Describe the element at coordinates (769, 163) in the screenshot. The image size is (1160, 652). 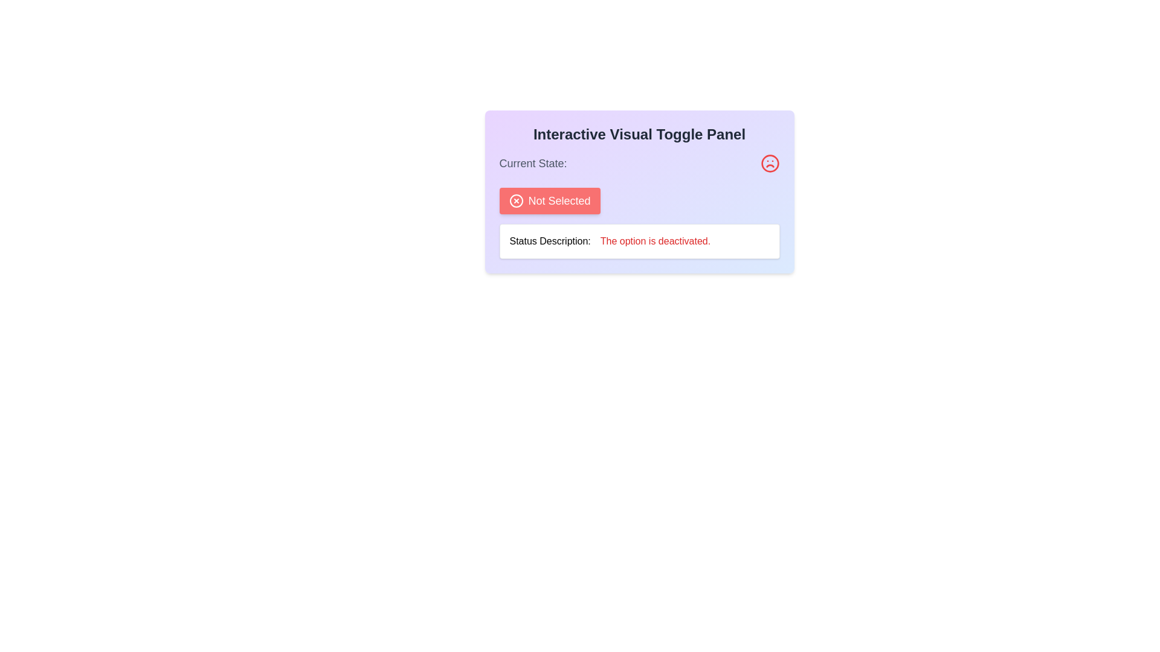
I see `the SVG Icon representing a negative or deactivated state located in the 'Current State' section of the card, adjacent to the label 'Current State:'` at that location.